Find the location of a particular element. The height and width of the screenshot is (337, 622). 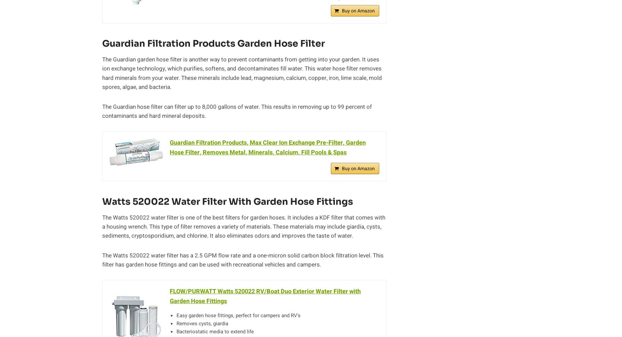

'The Guardian garden hose filter is another way to prevent contaminants from getting into your garden. It uses ion exchange technology, which purifies, softens, and decontaminates fill water. This water hose filter removes hard minerals from your water. These minerals include lead, magnesium, calcium, copper, iron, lime scale, mold spores, algae, and bacteria.' is located at coordinates (242, 73).